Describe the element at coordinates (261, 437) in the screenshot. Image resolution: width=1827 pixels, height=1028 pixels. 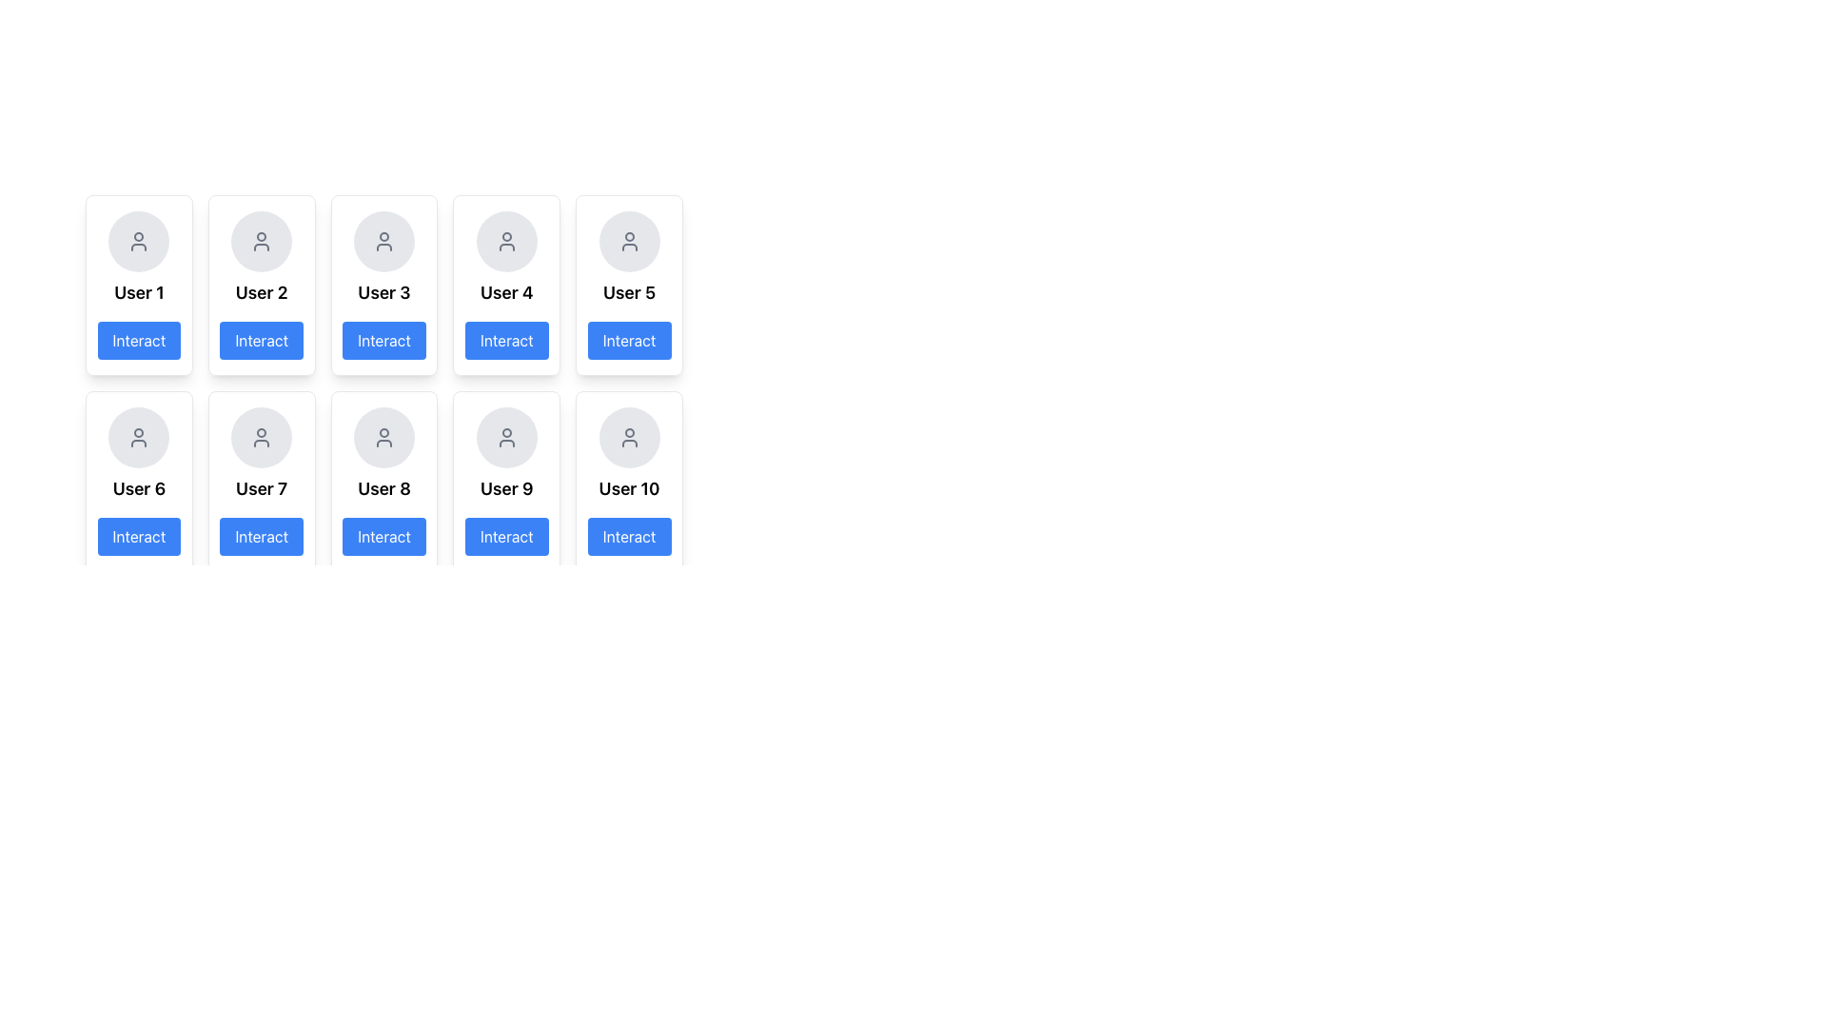
I see `the user icon, which is a circular profile illustration styled in gray with a stroke outline, located in the second row and second column of a grid of user elements` at that location.